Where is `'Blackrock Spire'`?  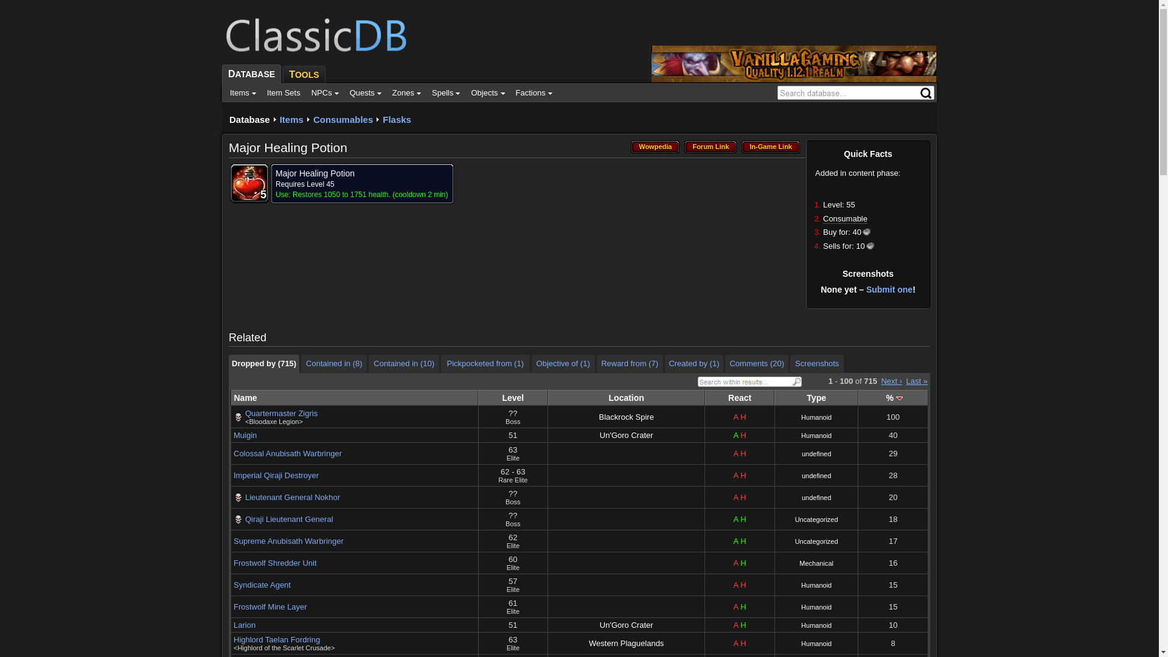 'Blackrock Spire' is located at coordinates (627, 416).